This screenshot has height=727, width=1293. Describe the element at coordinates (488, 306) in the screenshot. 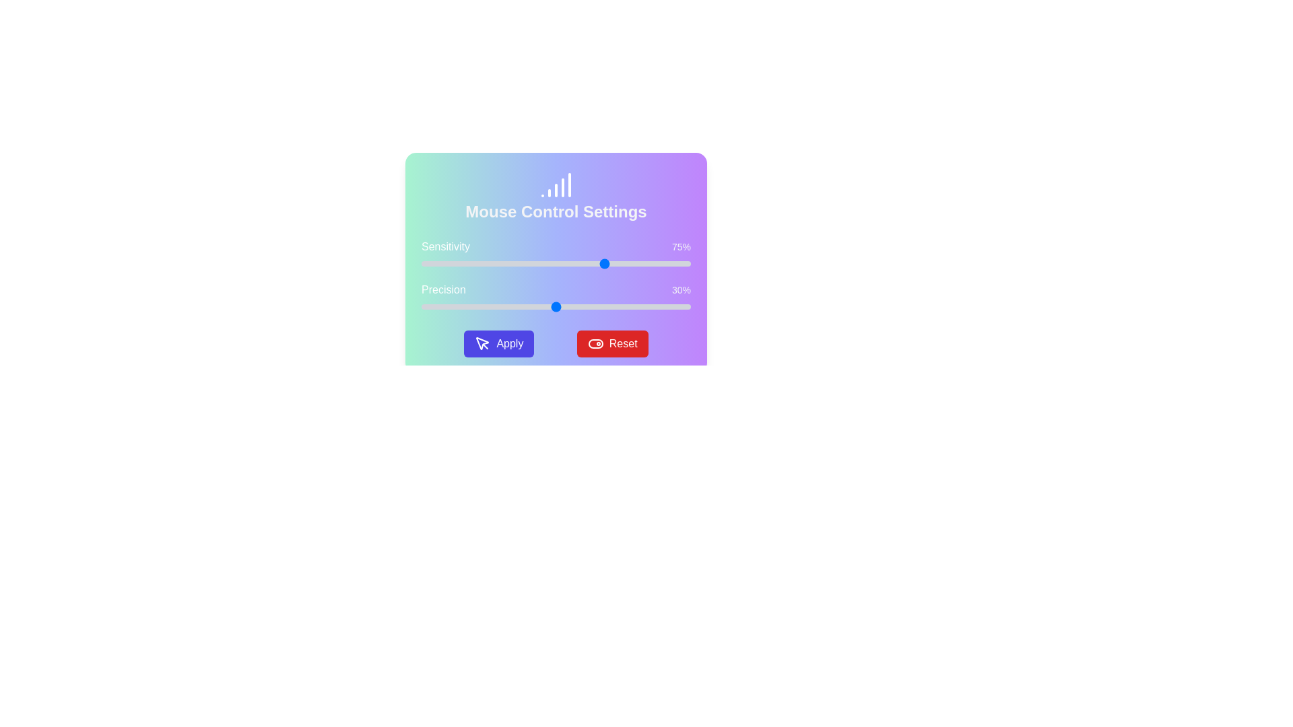

I see `the precision` at that location.